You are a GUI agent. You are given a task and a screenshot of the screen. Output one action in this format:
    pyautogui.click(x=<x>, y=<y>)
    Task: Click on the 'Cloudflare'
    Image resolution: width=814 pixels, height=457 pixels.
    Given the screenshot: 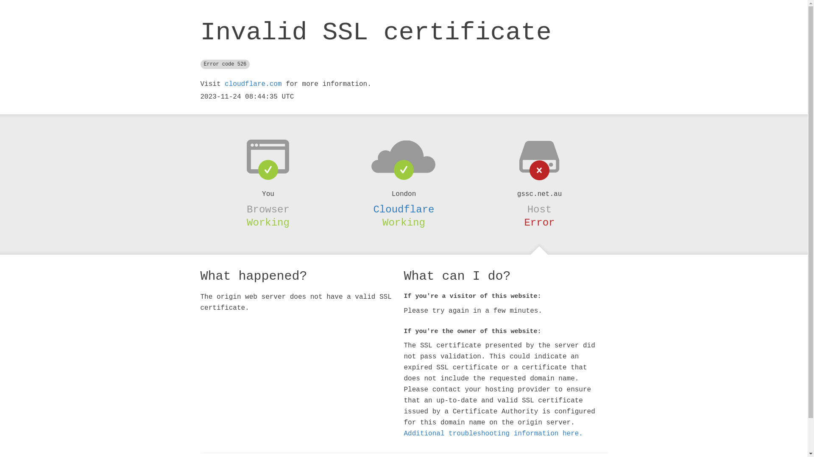 What is the action you would take?
    pyautogui.click(x=403, y=209)
    